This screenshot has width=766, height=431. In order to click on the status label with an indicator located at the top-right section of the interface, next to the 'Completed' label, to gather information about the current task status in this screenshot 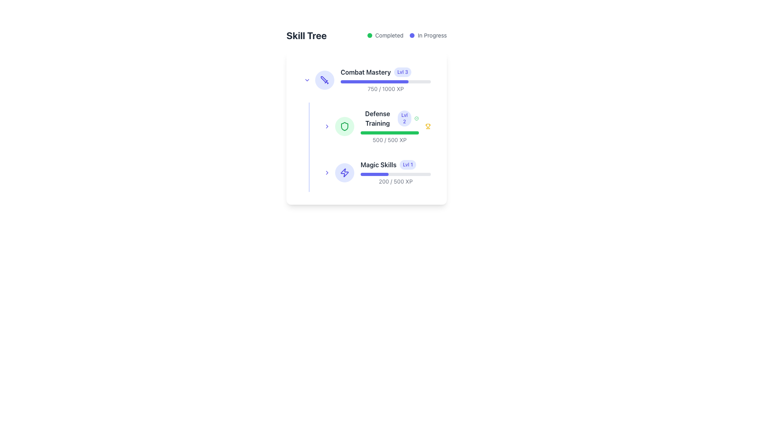, I will do `click(428, 35)`.